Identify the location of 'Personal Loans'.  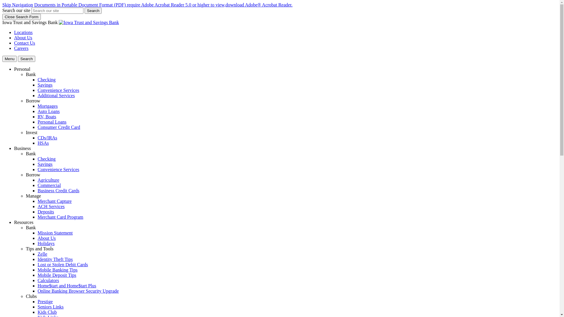
(52, 122).